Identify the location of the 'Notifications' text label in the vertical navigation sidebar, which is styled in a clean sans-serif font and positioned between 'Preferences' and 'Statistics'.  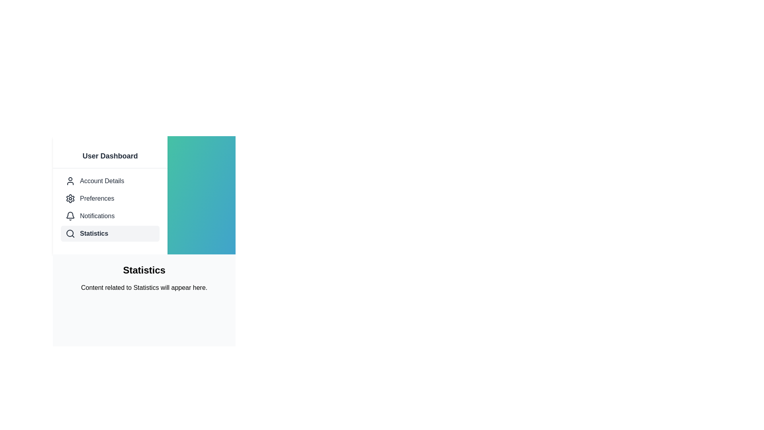
(97, 216).